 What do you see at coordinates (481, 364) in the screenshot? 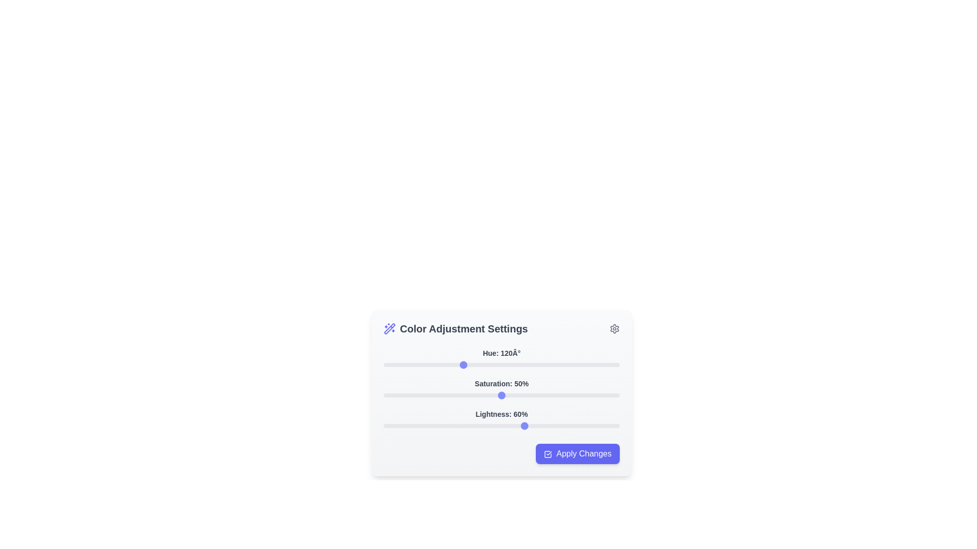
I see `hue` at bounding box center [481, 364].